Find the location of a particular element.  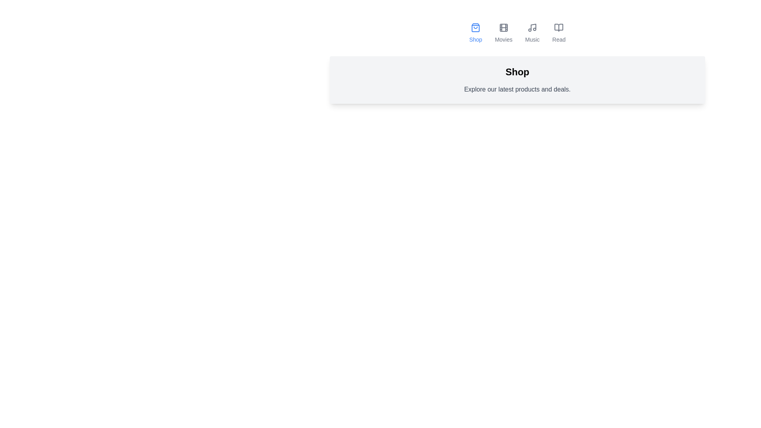

the tab labeled Movies to display its content is located at coordinates (503, 33).